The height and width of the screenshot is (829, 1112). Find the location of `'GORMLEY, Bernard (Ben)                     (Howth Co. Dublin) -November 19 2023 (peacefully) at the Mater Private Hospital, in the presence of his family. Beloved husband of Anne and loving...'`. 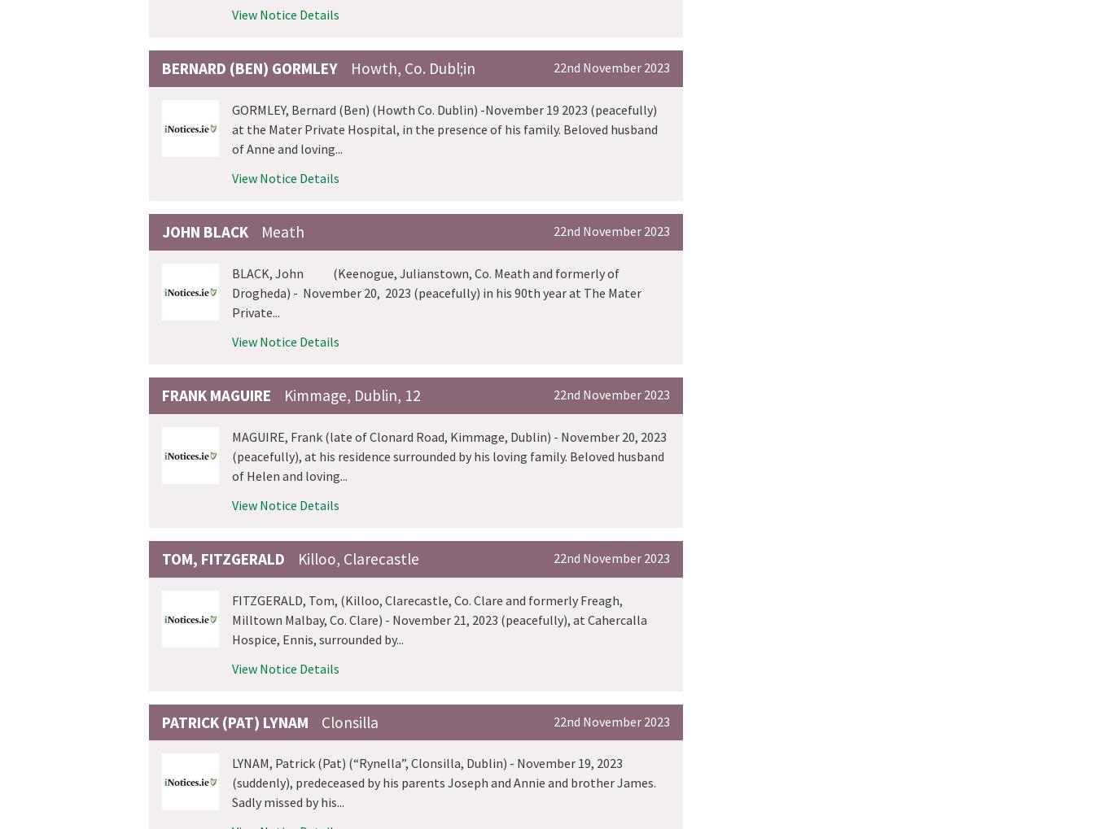

'GORMLEY, Bernard (Ben)                     (Howth Co. Dublin) -November 19 2023 (peacefully) at the Mater Private Hospital, in the presence of his family. Beloved husband of Anne and loving...' is located at coordinates (444, 129).